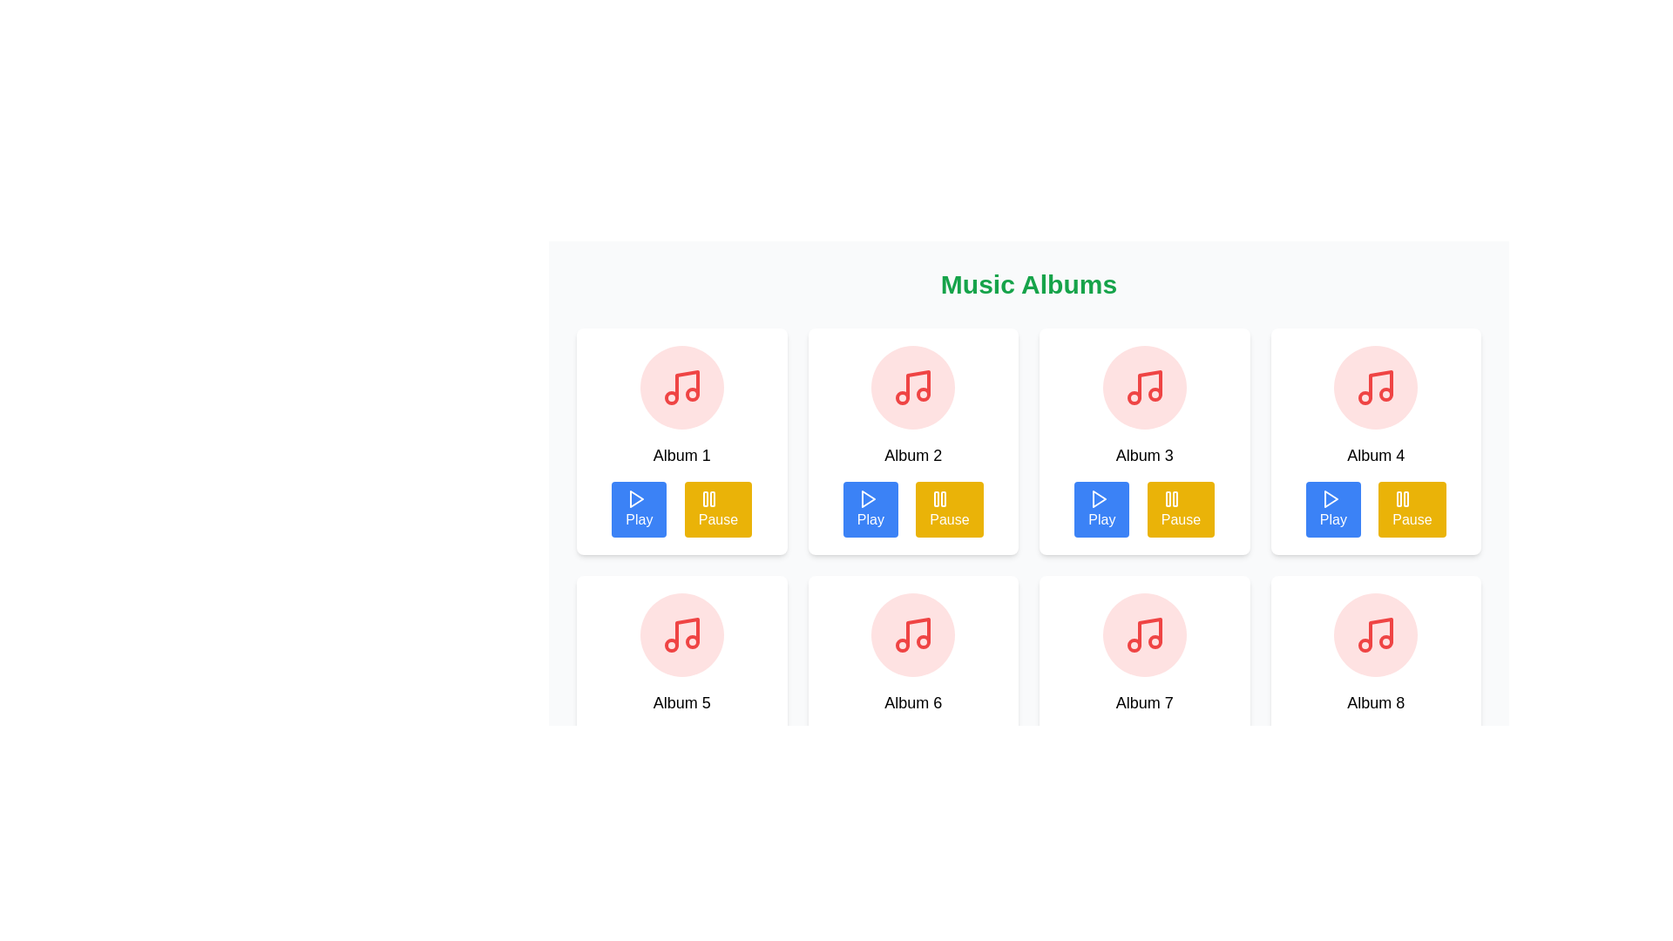 The image size is (1673, 941). What do you see at coordinates (1175, 499) in the screenshot?
I see `the right vertical bar of the 'pause' button symbol in the media control panel` at bounding box center [1175, 499].